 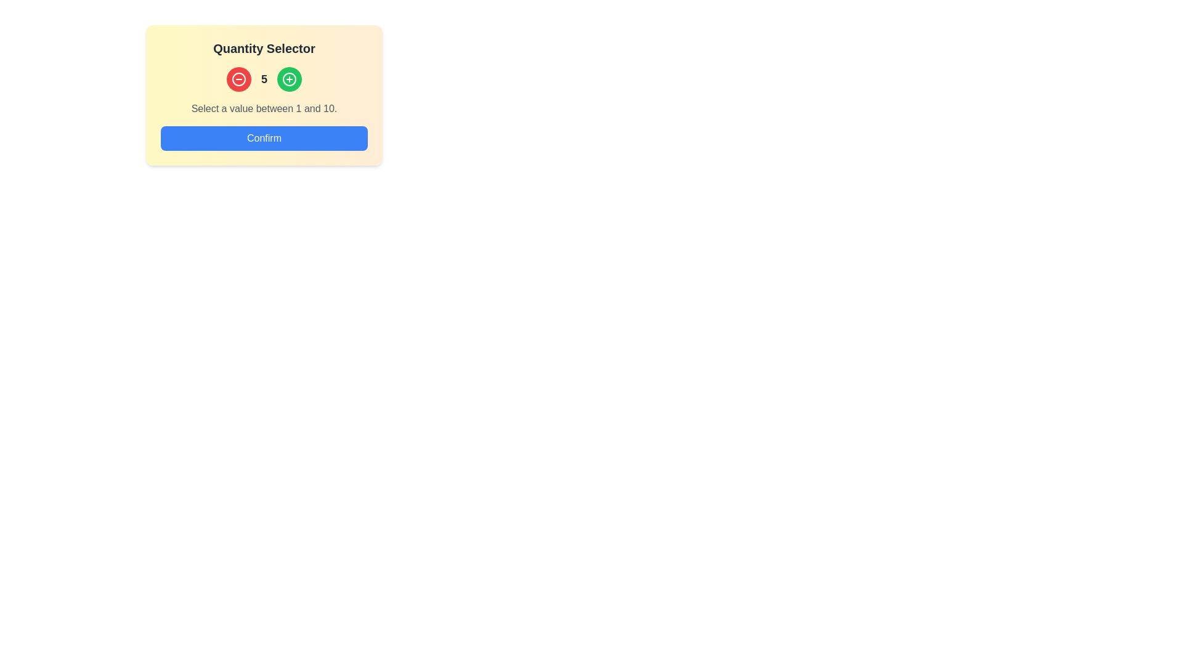 What do you see at coordinates (289, 79) in the screenshot?
I see `the increment button located immediately to the right of the red circular minus button, which is vertically aligned with the number '5', to increment the quantity` at bounding box center [289, 79].